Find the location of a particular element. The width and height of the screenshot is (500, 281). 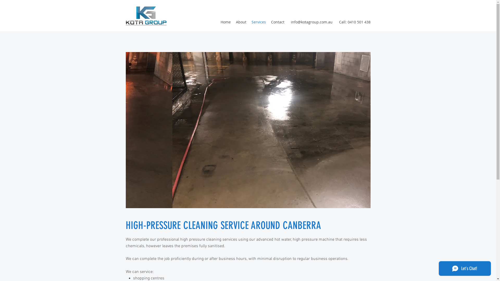

'Services' is located at coordinates (259, 22).